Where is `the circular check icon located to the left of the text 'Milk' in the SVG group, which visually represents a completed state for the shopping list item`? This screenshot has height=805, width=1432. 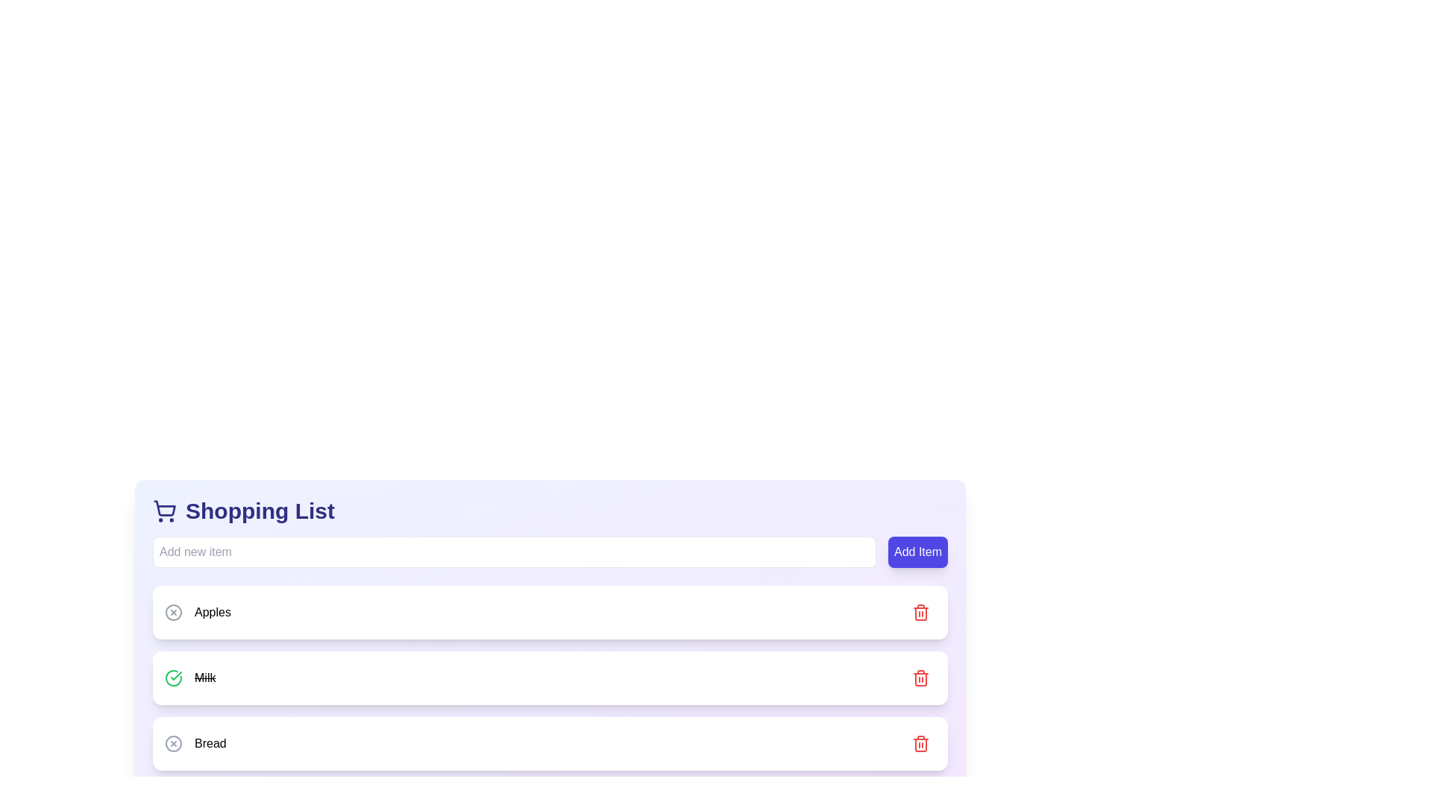 the circular check icon located to the left of the text 'Milk' in the SVG group, which visually represents a completed state for the shopping list item is located at coordinates (174, 678).